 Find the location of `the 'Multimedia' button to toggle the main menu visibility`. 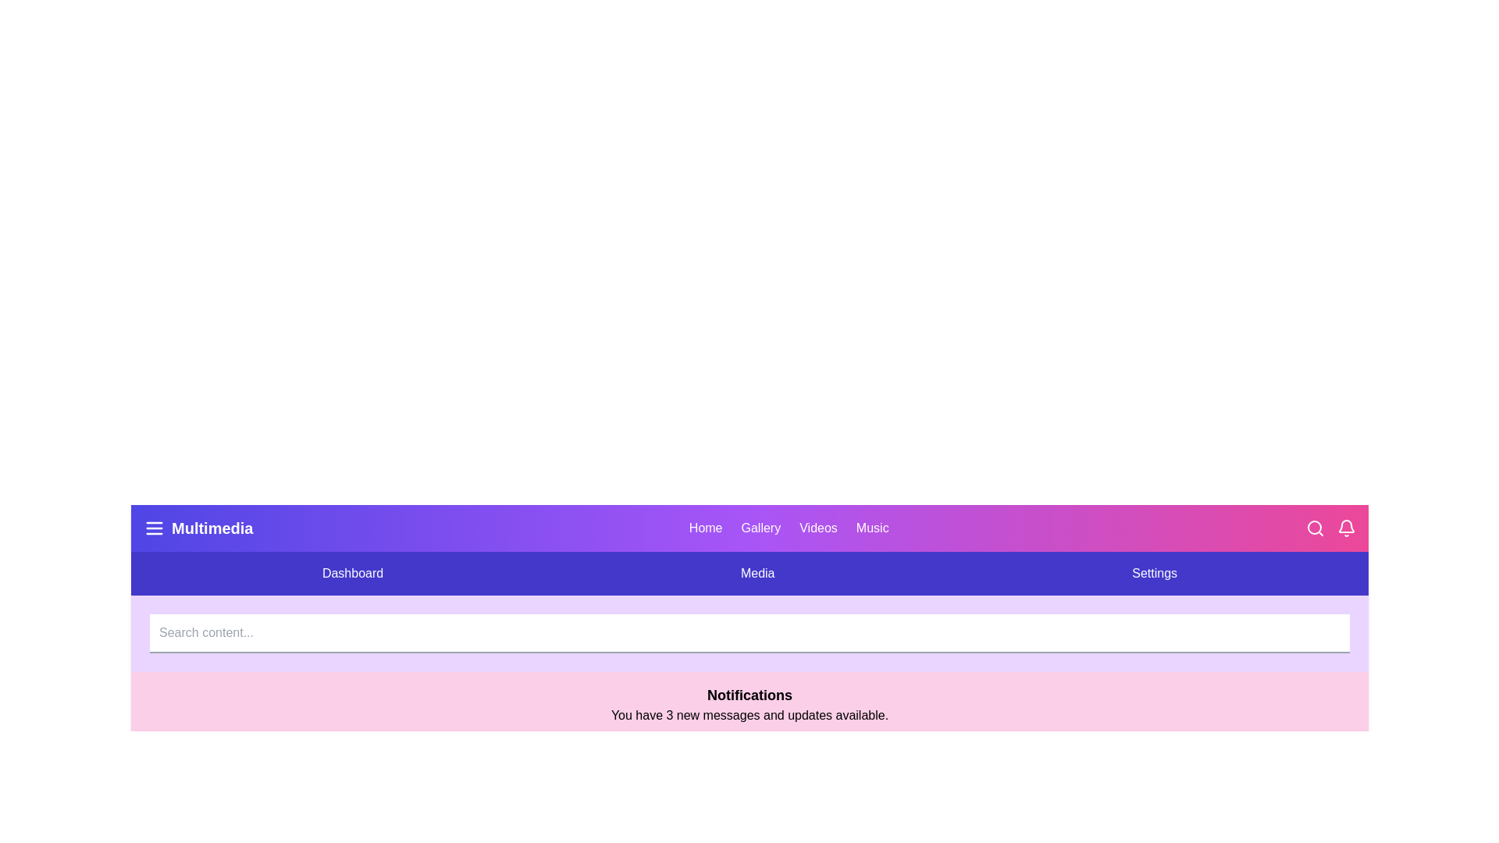

the 'Multimedia' button to toggle the main menu visibility is located at coordinates (198, 528).